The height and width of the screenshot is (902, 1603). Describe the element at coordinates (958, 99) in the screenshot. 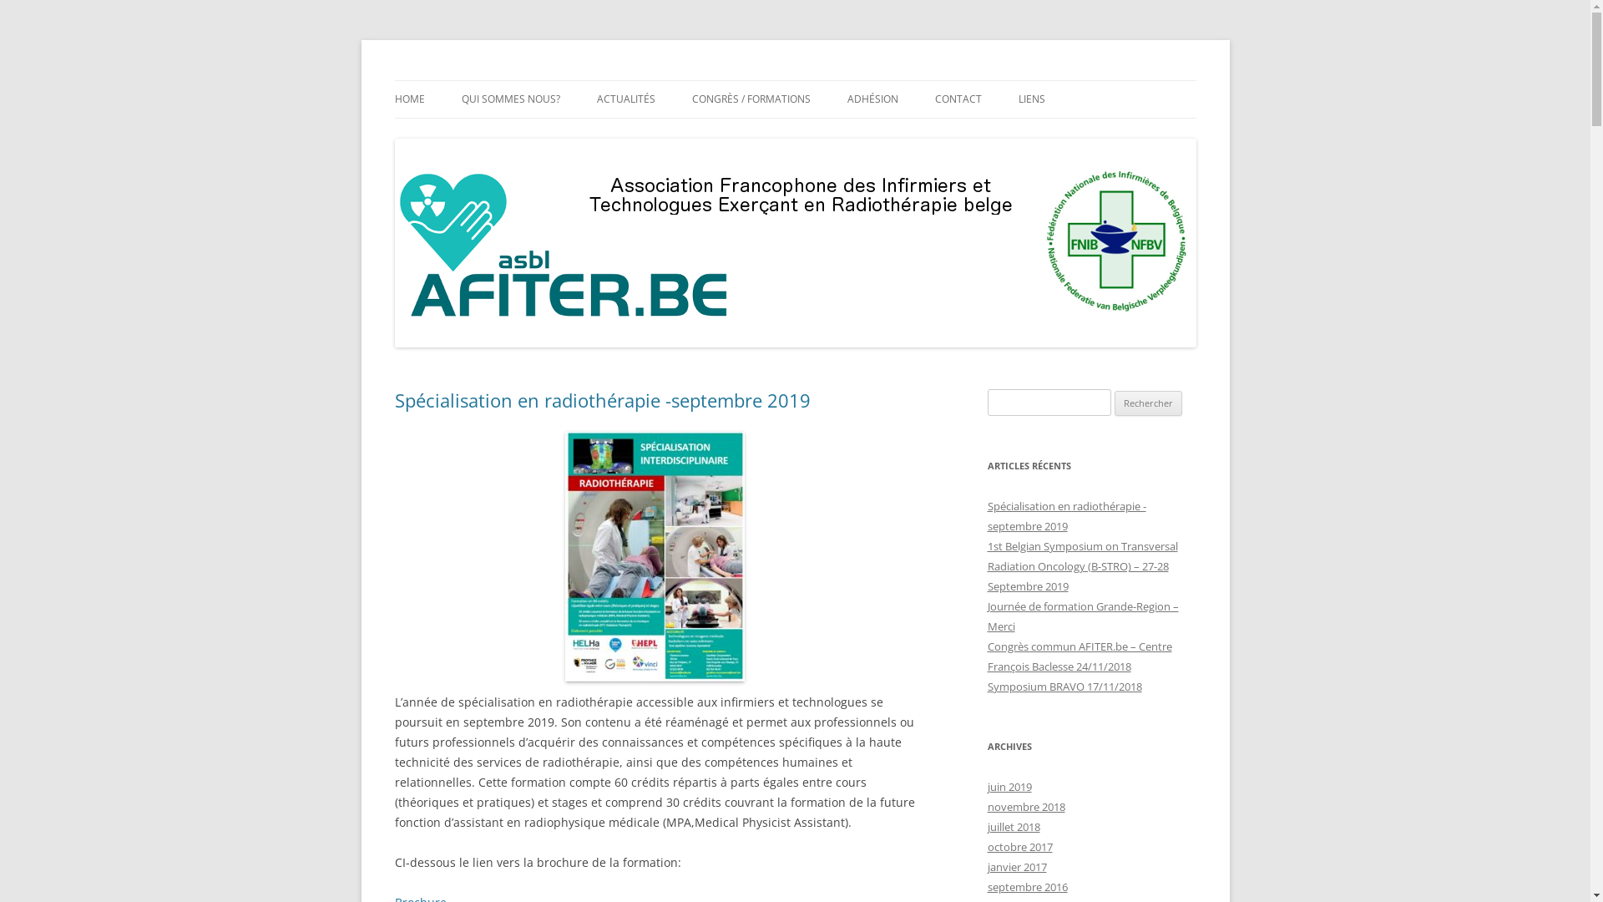

I see `'CONTACT'` at that location.